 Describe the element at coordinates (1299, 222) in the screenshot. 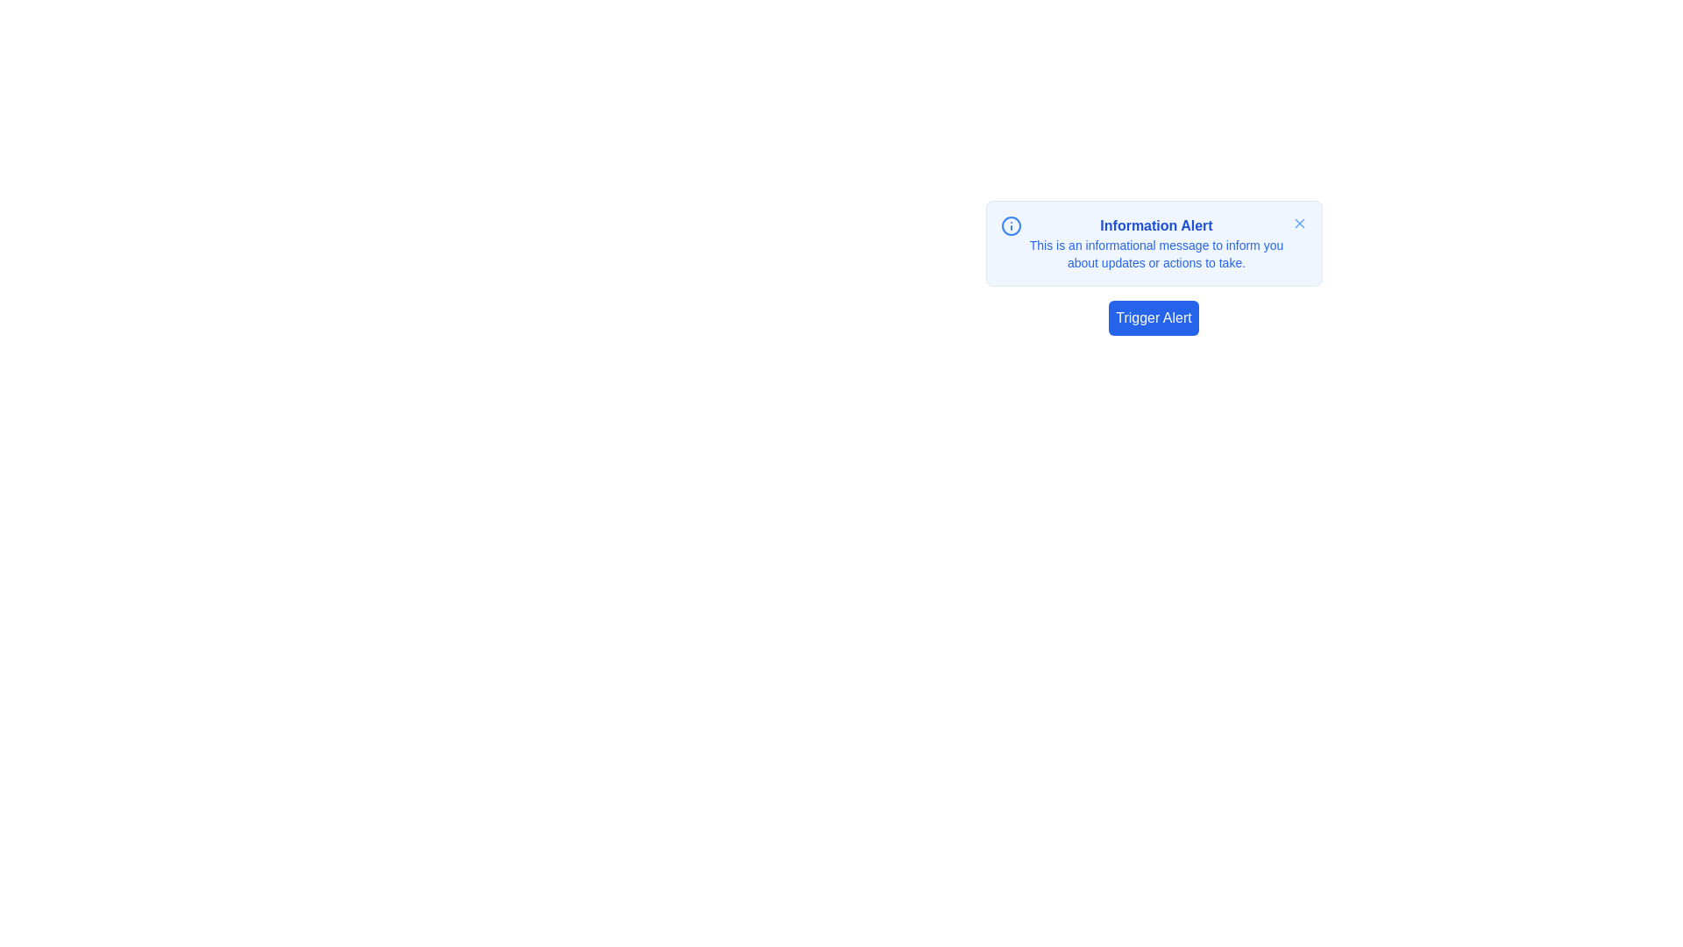

I see `the close icon located in the top-right corner of the 'Information Alert' alert box to initiate the close action` at that location.